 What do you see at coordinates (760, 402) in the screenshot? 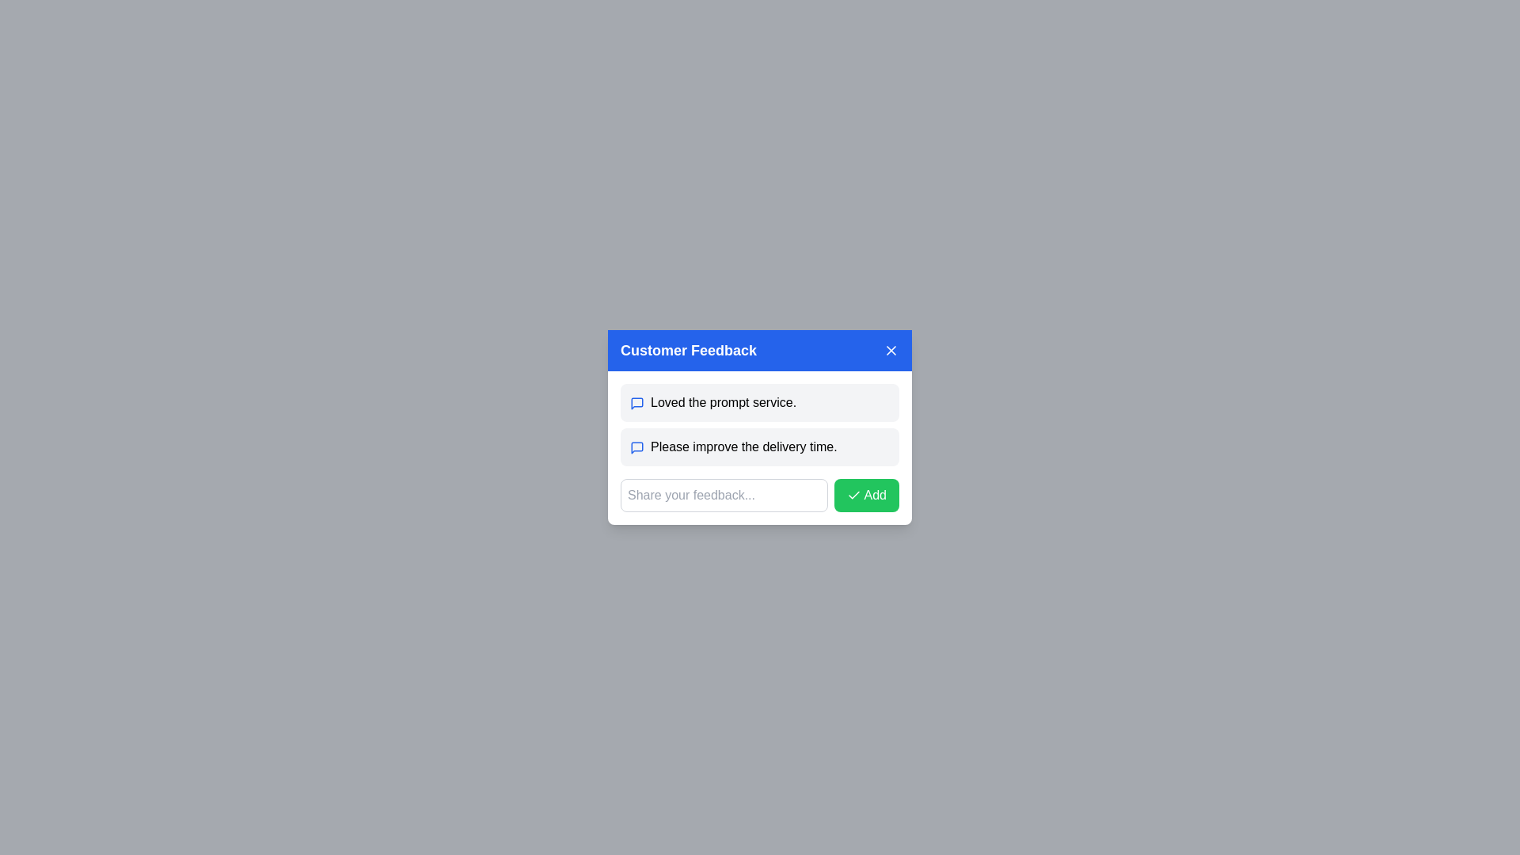
I see `text content of the first feedback message displayed below the title 'Customer Feedback' in the dialog box, which precedes the message 'Please improve the delivery time.'` at bounding box center [760, 402].